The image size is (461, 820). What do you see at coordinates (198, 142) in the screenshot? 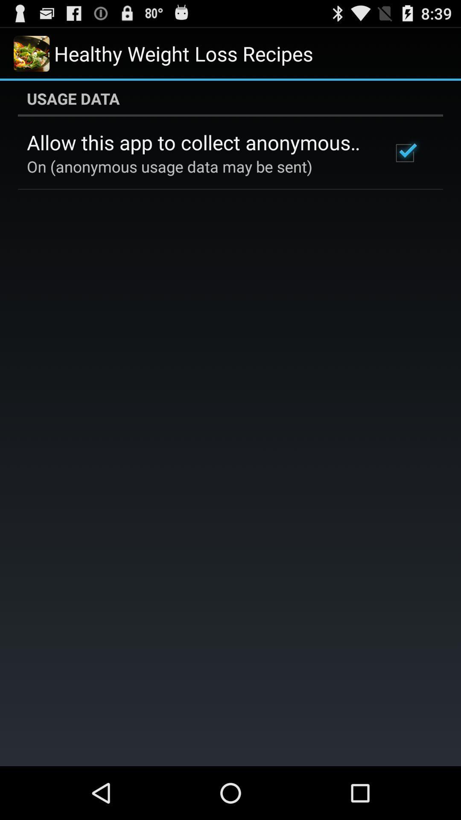
I see `item below usage data item` at bounding box center [198, 142].